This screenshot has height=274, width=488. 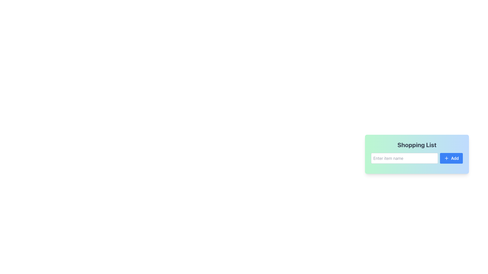 What do you see at coordinates (451, 158) in the screenshot?
I see `the button used to add an item to the shopping list, located at the rightmost end of the element group next to the input box labeled 'Enter item name'` at bounding box center [451, 158].